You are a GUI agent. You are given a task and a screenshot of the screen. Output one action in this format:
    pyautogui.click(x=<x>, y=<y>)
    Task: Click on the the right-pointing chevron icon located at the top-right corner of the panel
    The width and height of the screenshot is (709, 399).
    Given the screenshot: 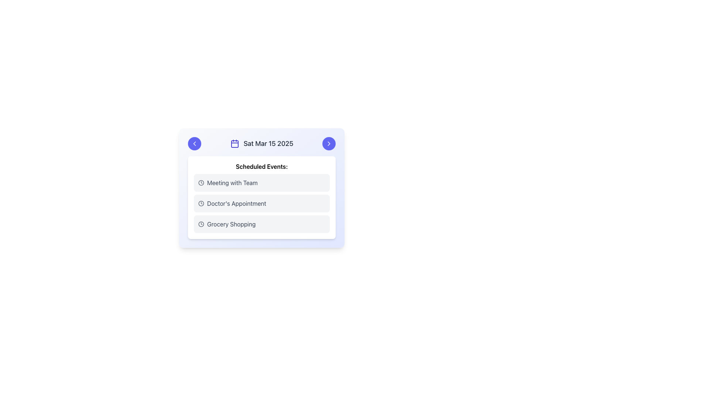 What is the action you would take?
    pyautogui.click(x=329, y=144)
    